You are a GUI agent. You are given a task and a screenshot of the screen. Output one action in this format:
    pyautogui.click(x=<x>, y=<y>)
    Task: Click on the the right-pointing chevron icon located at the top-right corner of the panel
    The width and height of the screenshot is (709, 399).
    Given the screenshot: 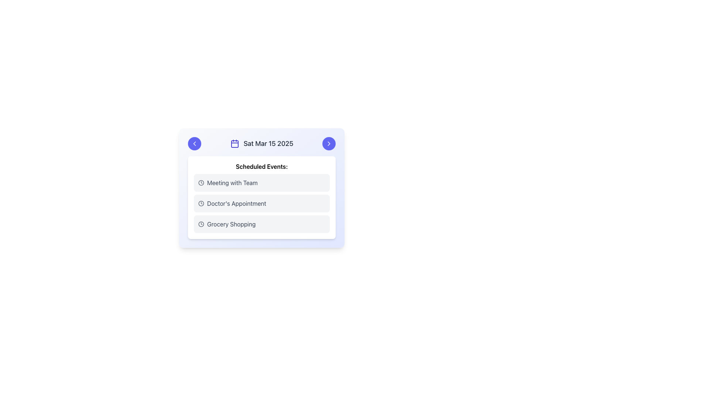 What is the action you would take?
    pyautogui.click(x=329, y=144)
    